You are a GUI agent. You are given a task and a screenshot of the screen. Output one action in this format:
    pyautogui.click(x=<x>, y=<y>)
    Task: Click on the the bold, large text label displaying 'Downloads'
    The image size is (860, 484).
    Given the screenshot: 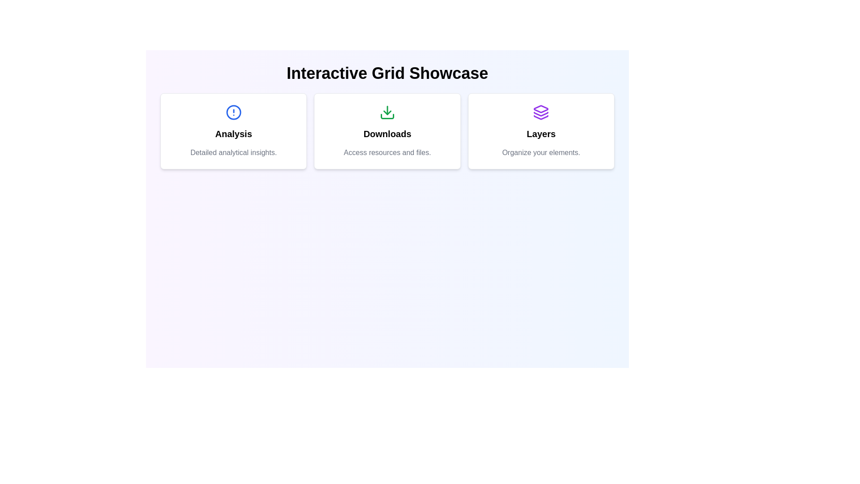 What is the action you would take?
    pyautogui.click(x=387, y=134)
    